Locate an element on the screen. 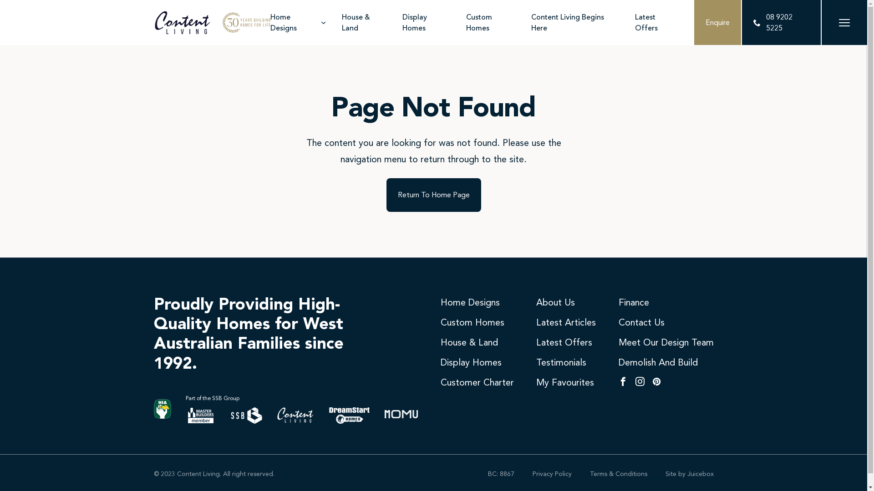 This screenshot has height=491, width=874. 'Home Designs' is located at coordinates (270, 22).